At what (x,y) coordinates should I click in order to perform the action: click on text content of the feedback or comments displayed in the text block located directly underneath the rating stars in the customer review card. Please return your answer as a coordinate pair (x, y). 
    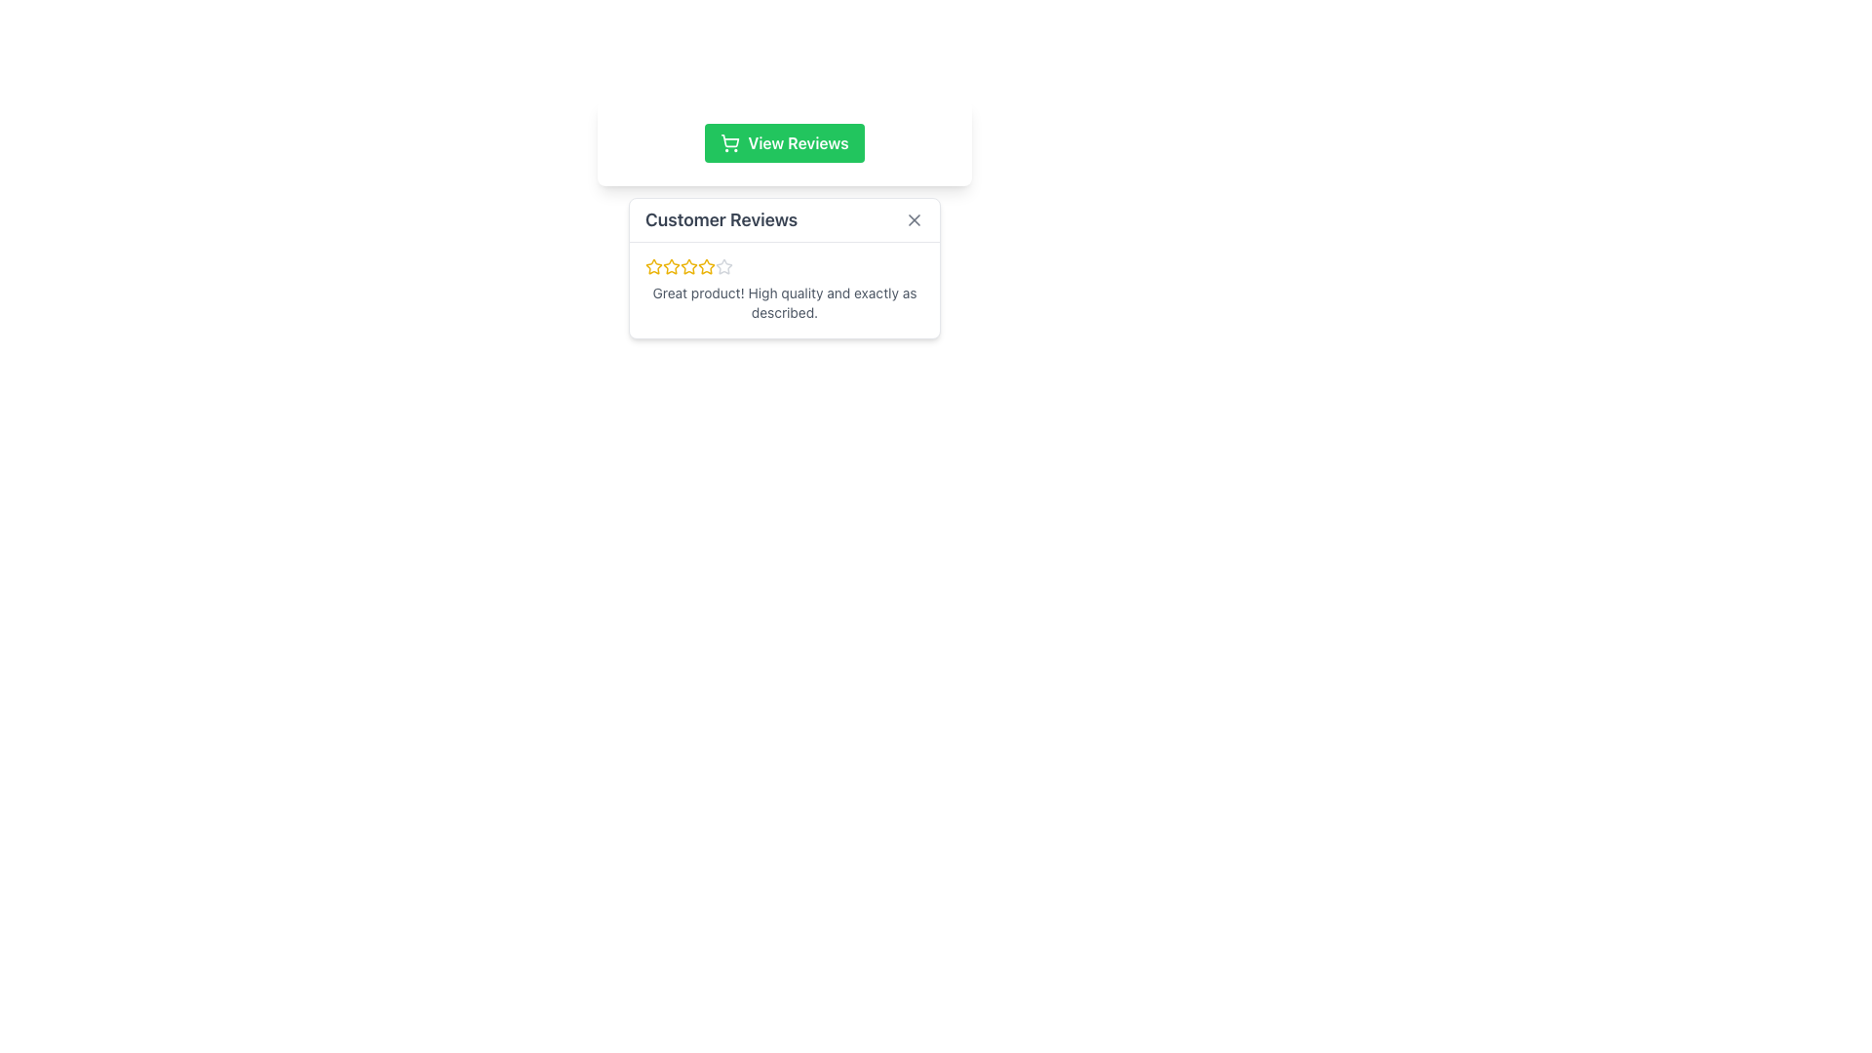
    Looking at the image, I should click on (785, 303).